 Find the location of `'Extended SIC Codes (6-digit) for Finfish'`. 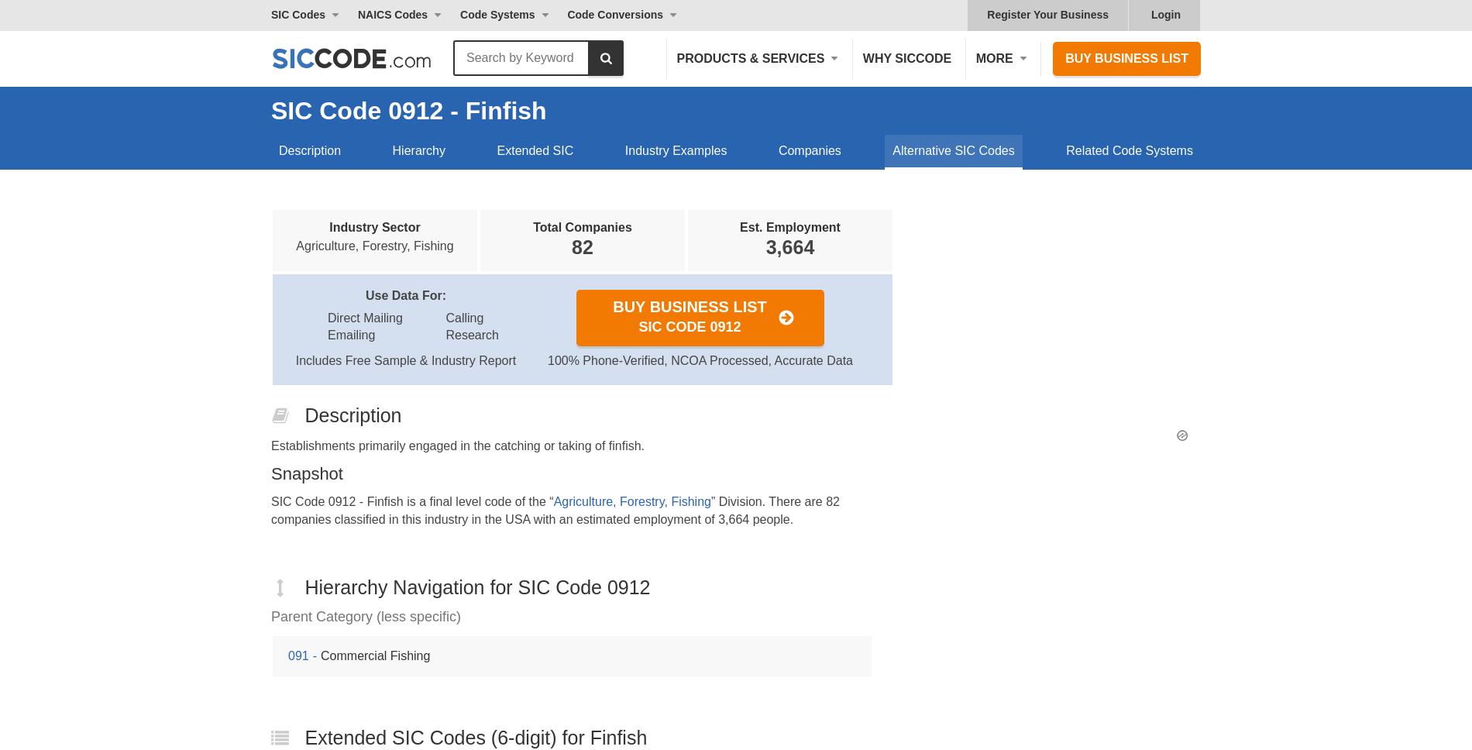

'Extended SIC Codes (6-digit) for Finfish' is located at coordinates (476, 735).